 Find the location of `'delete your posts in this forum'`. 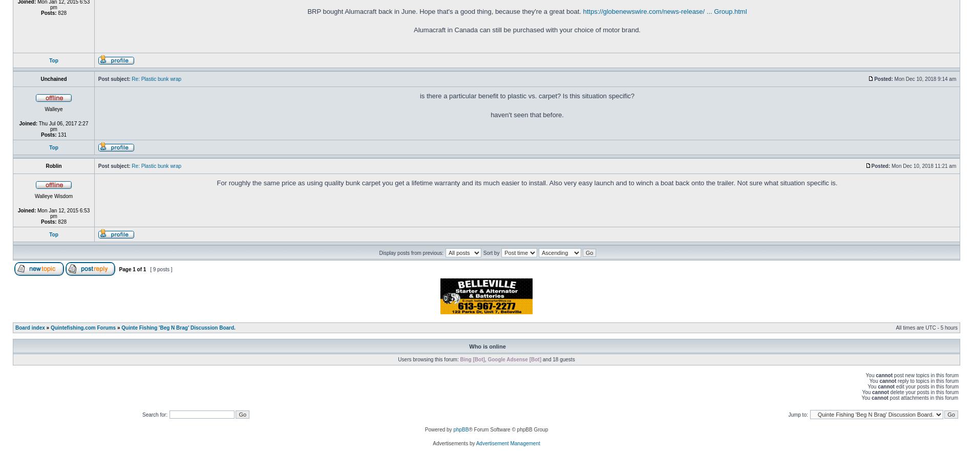

'delete your posts in this forum' is located at coordinates (923, 392).